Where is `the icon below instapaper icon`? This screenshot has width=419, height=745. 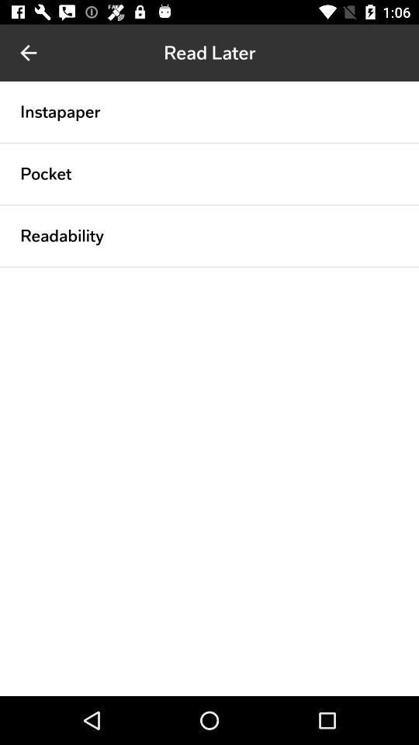
the icon below instapaper icon is located at coordinates (209, 143).